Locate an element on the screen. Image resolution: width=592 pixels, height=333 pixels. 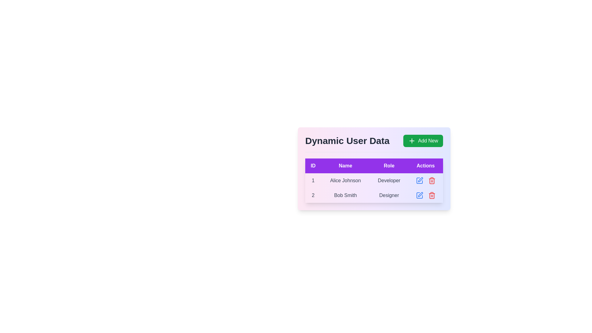
the blue square pencil icon (Edit button) located in the 'Actions' column of the second row representing 'Bob Smith' is located at coordinates (419, 195).